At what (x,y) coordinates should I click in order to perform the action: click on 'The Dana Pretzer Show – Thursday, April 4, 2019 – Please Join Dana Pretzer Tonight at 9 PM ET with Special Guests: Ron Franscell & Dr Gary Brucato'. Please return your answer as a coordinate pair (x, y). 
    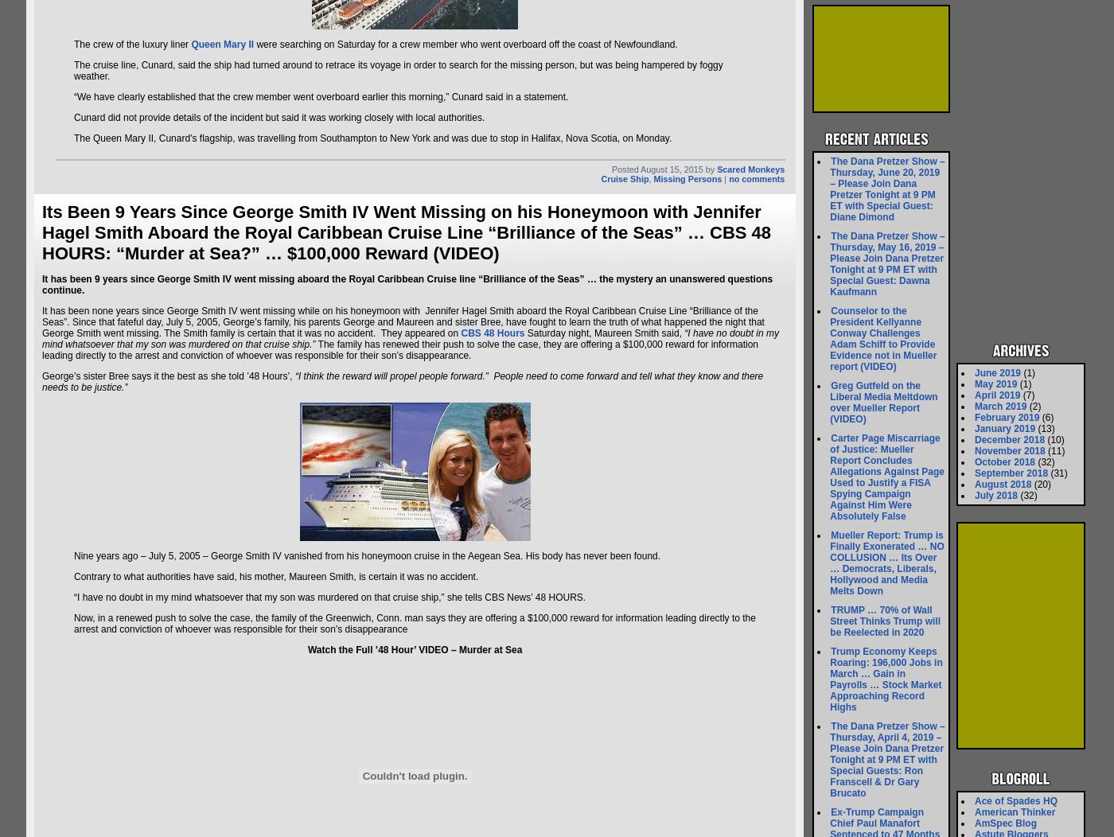
    Looking at the image, I should click on (886, 759).